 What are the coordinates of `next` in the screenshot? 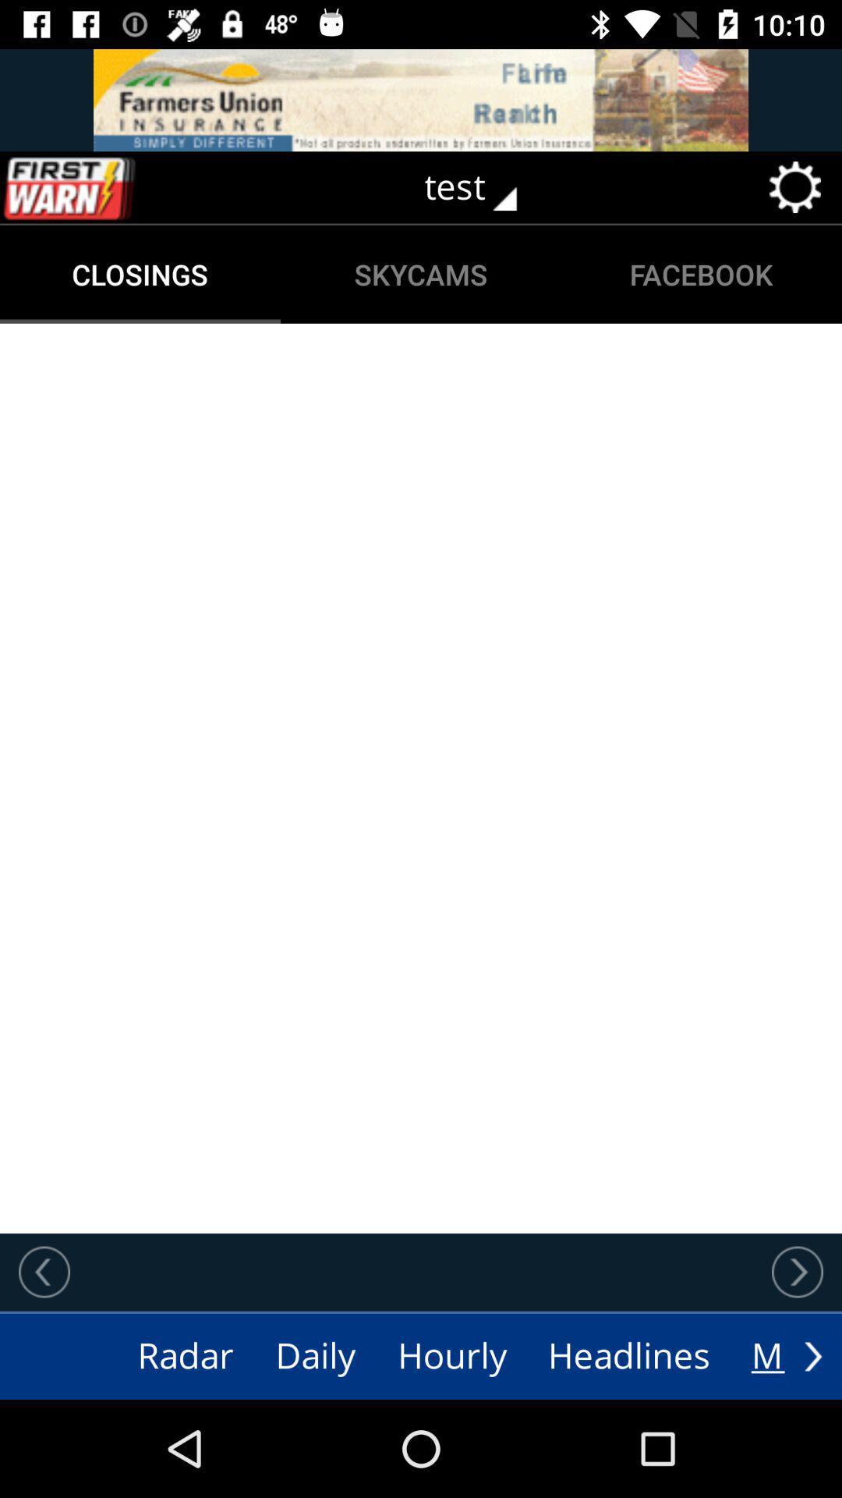 It's located at (797, 1272).